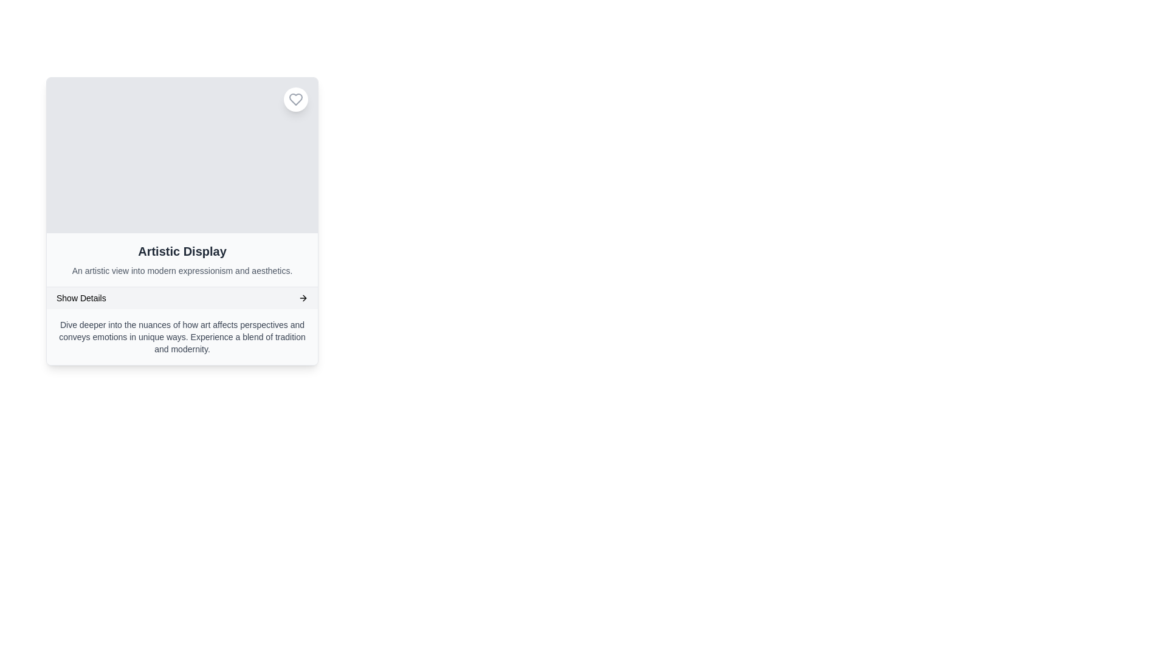 This screenshot has width=1167, height=656. Describe the element at coordinates (181, 270) in the screenshot. I see `the informational text element located below the title 'Artistic Display' and above the button labeled 'Show Details'` at that location.